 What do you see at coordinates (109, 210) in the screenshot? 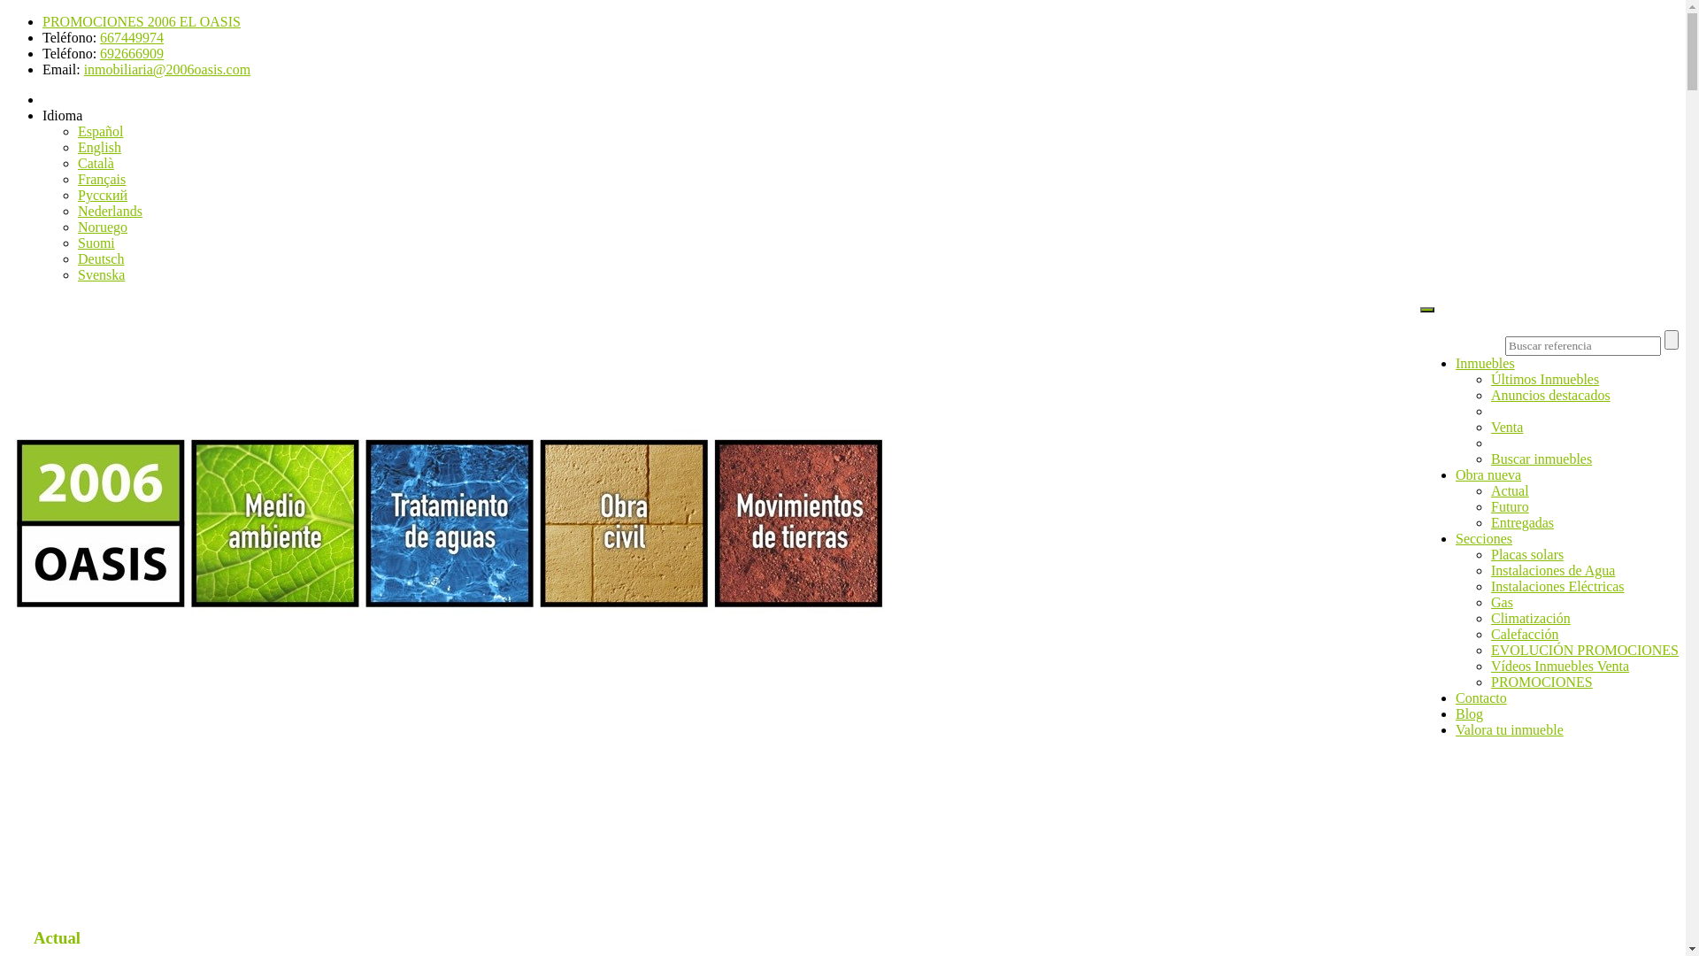
I see `'Nederlands'` at bounding box center [109, 210].